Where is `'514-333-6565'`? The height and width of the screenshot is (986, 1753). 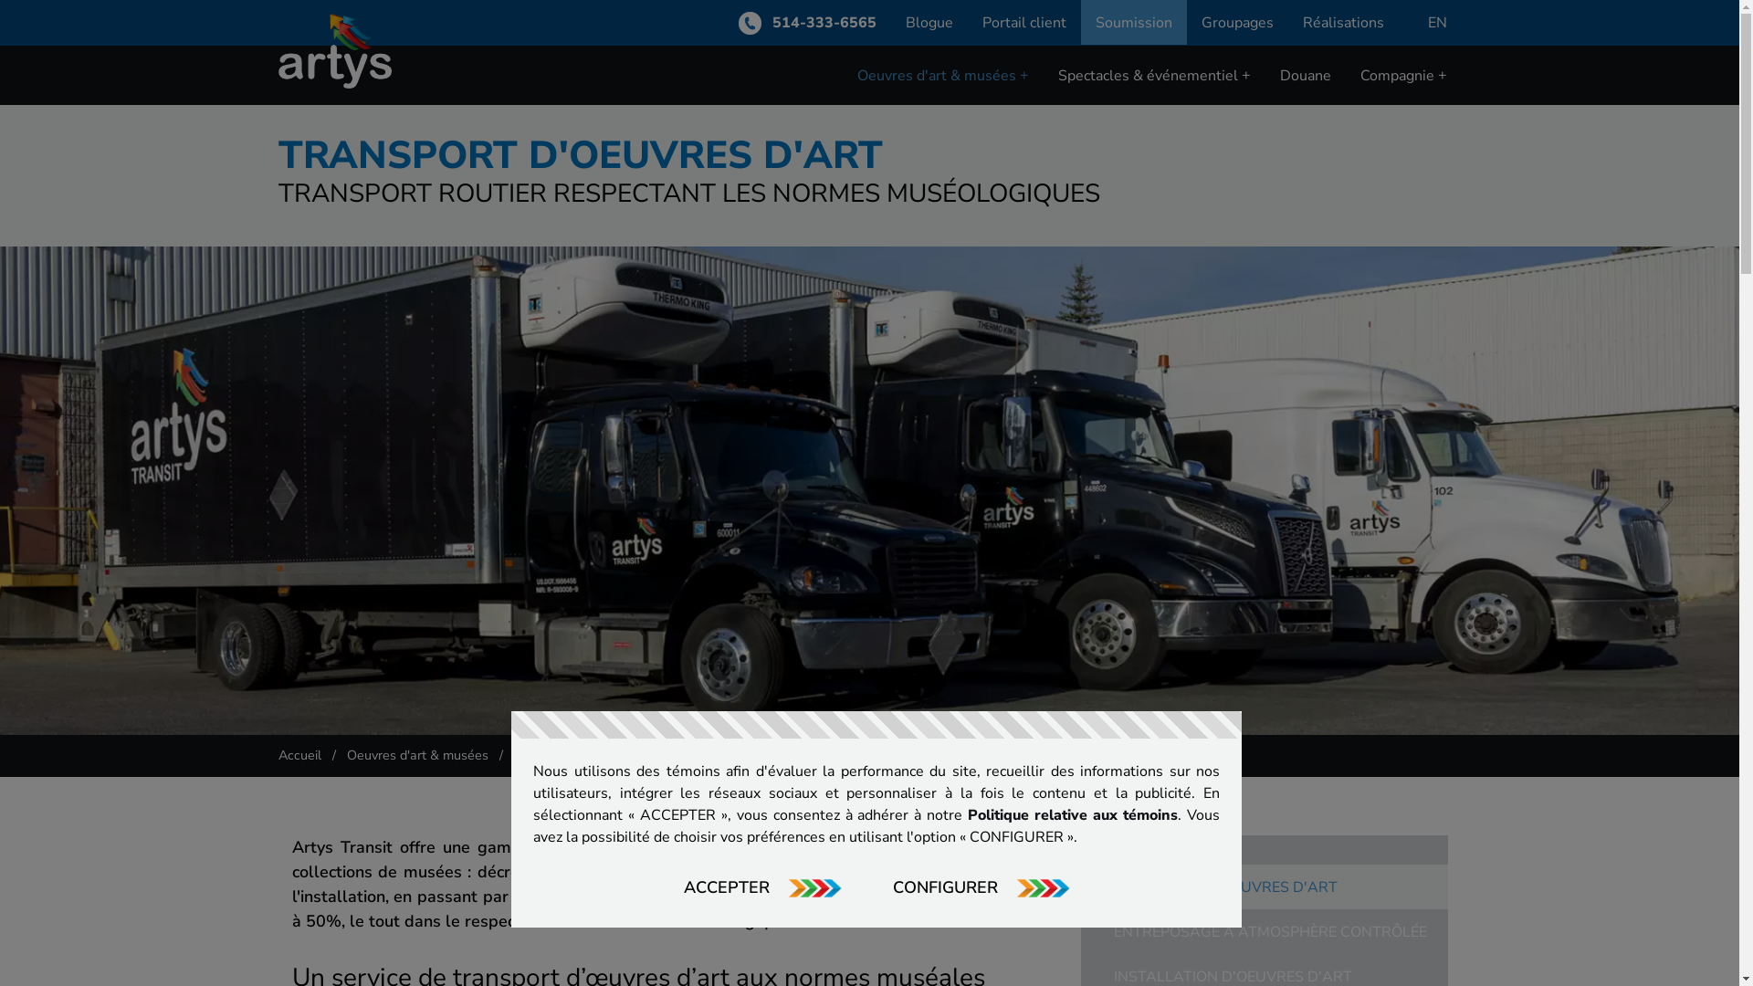 '514-333-6565' is located at coordinates (805, 22).